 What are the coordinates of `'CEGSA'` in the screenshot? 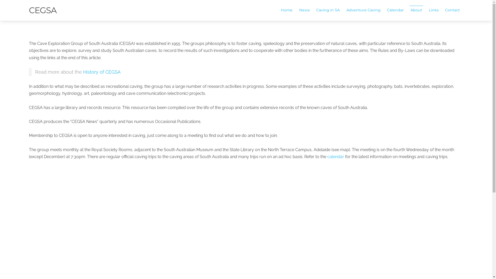 It's located at (43, 10).